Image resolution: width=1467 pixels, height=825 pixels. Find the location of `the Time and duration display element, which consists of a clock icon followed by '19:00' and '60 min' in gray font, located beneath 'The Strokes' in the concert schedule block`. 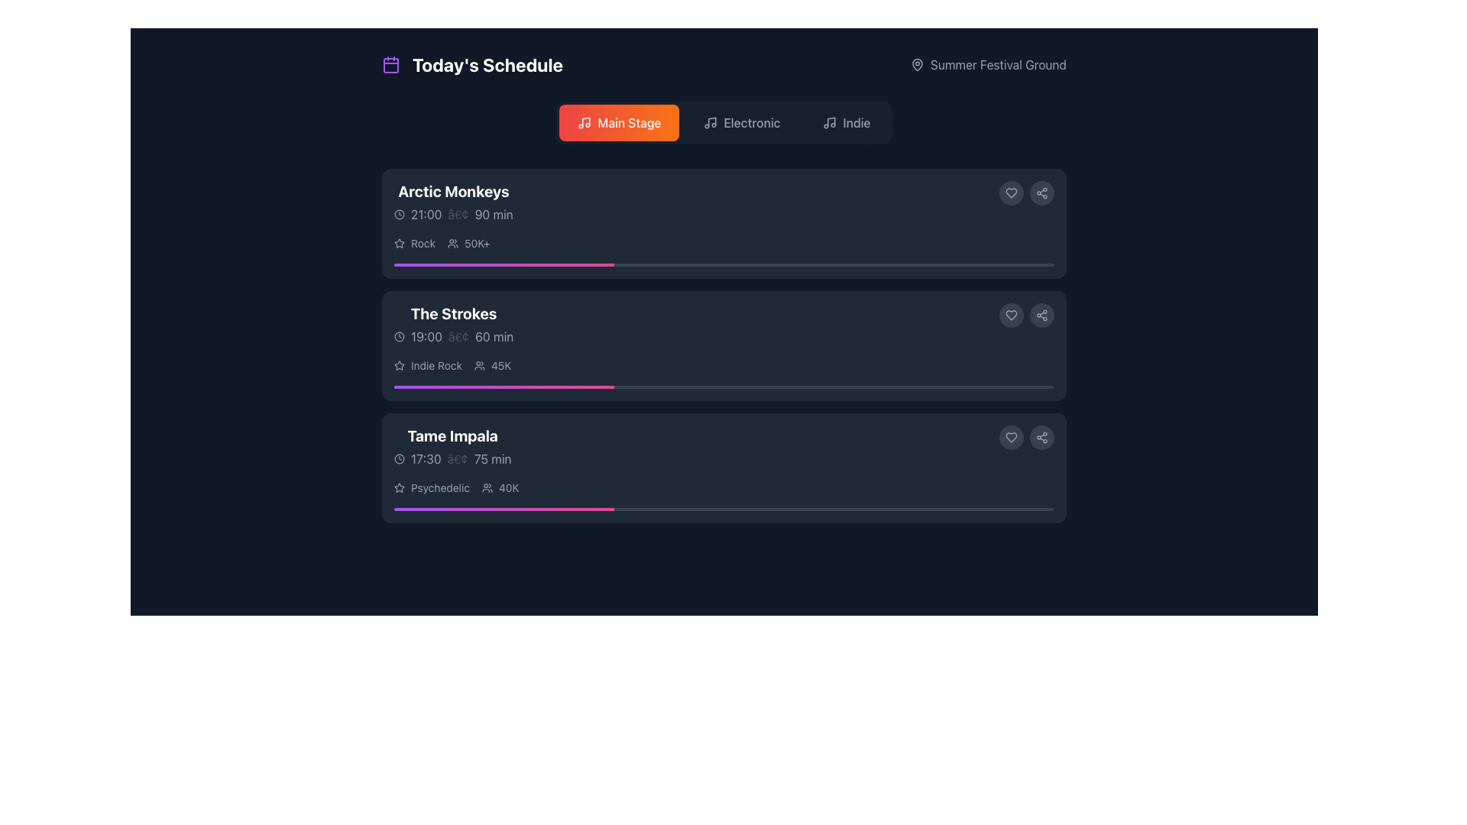

the Time and duration display element, which consists of a clock icon followed by '19:00' and '60 min' in gray font, located beneath 'The Strokes' in the concert schedule block is located at coordinates (453, 335).